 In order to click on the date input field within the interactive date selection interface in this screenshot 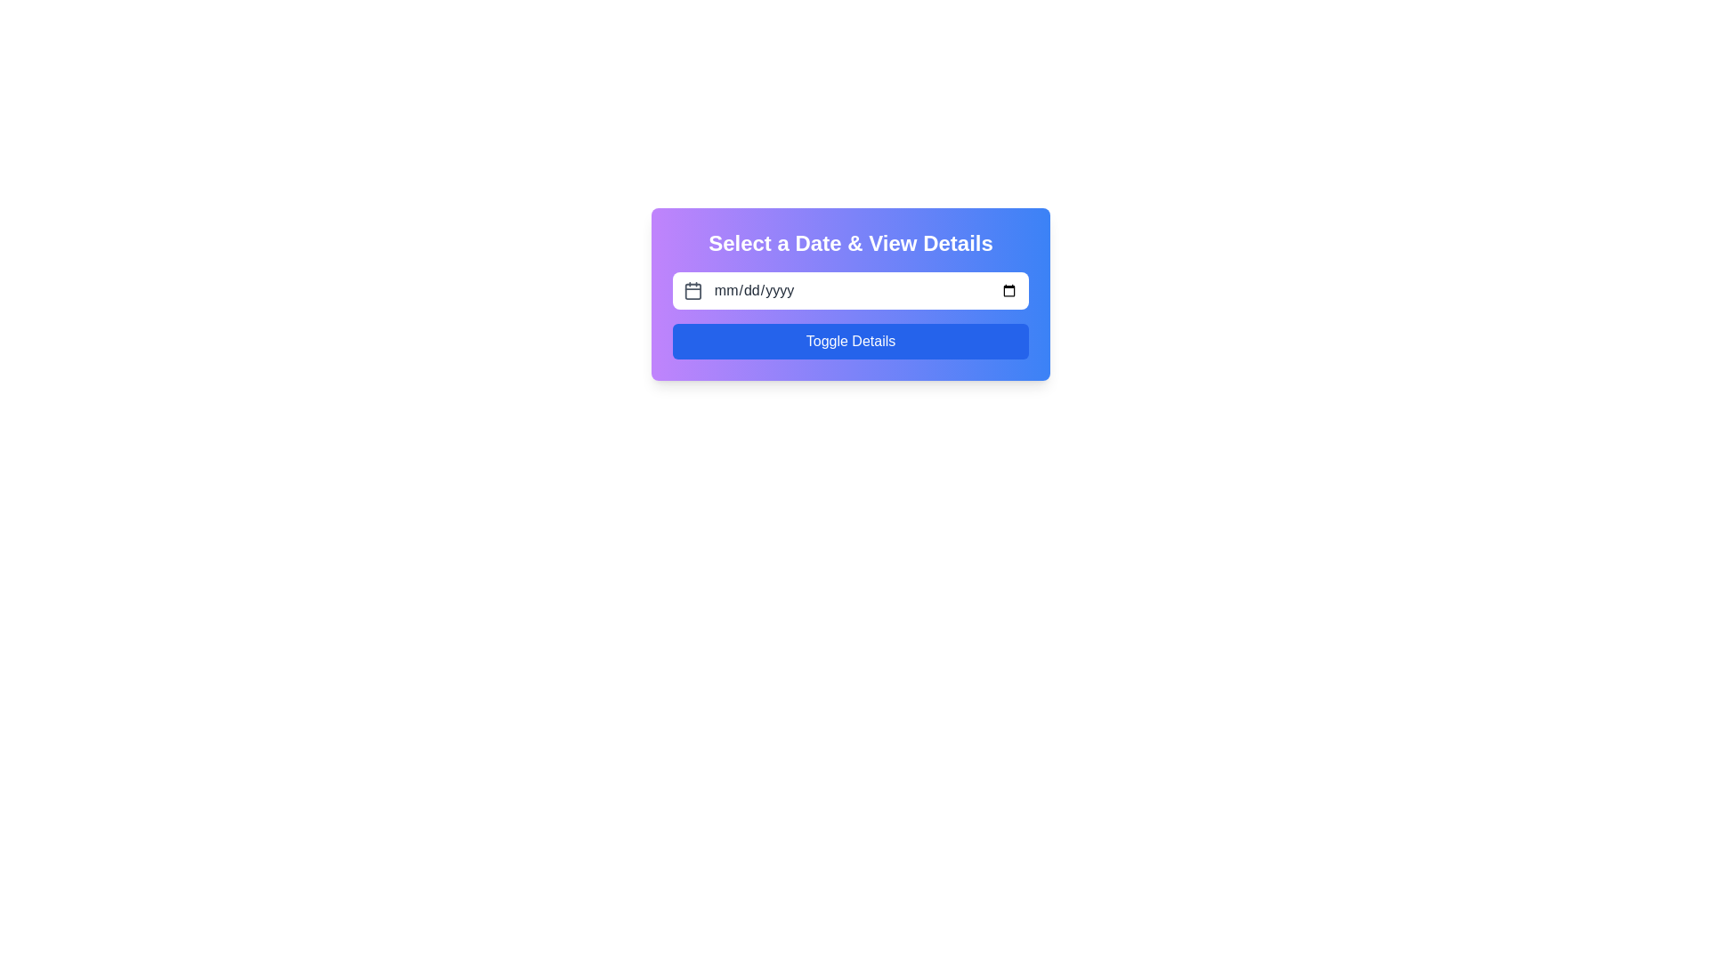, I will do `click(849, 294)`.